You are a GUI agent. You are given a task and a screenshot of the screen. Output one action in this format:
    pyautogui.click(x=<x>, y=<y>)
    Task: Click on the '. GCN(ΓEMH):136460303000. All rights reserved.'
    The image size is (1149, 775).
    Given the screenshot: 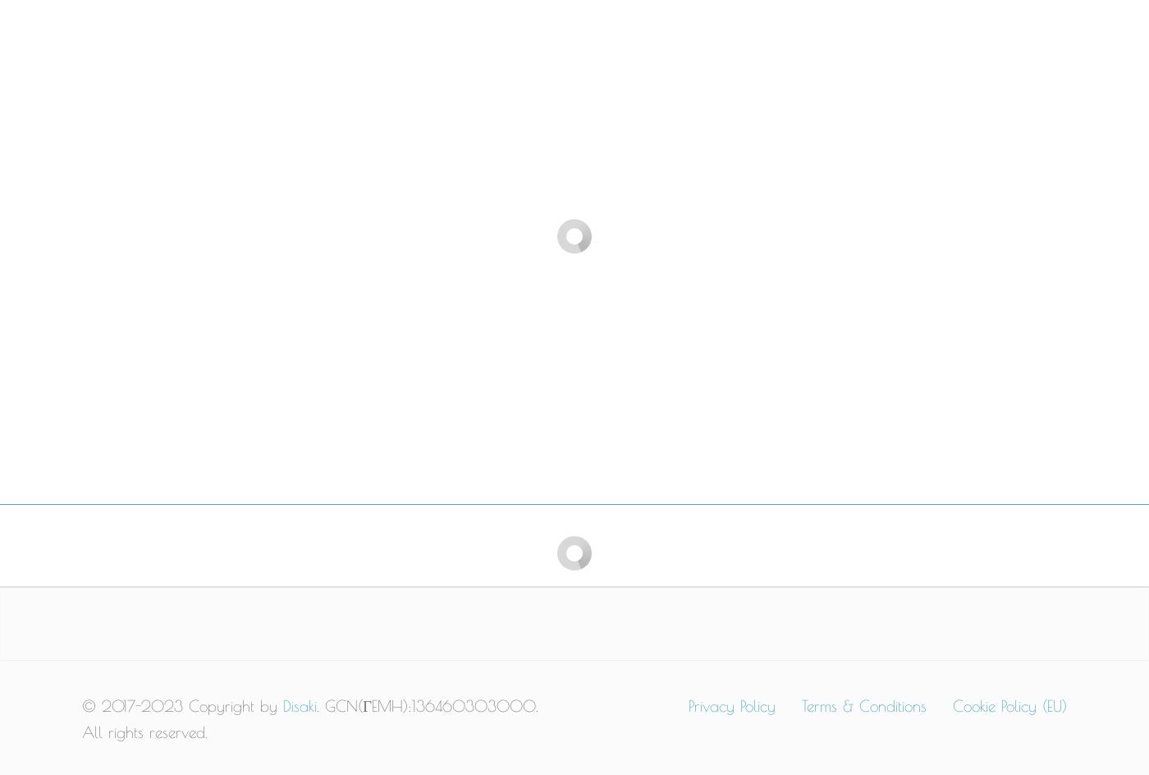 What is the action you would take?
    pyautogui.click(x=309, y=719)
    